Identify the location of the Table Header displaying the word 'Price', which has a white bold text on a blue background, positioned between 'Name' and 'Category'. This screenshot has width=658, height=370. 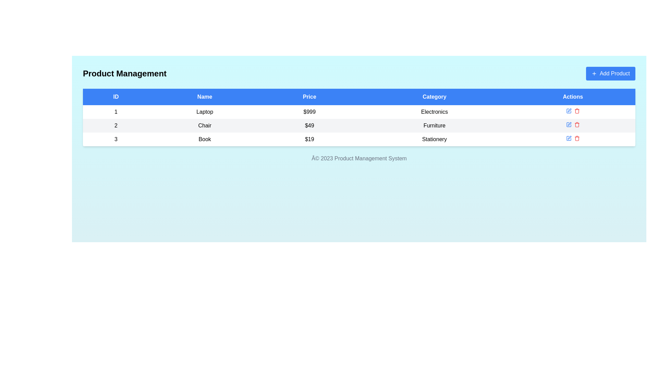
(309, 97).